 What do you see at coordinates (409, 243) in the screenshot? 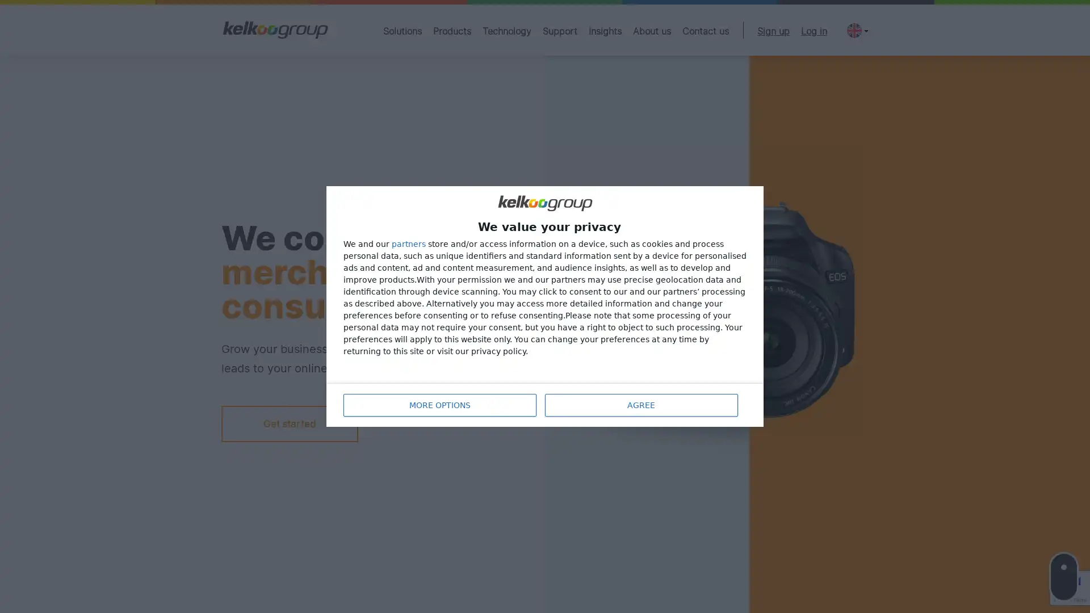
I see `partners` at bounding box center [409, 243].